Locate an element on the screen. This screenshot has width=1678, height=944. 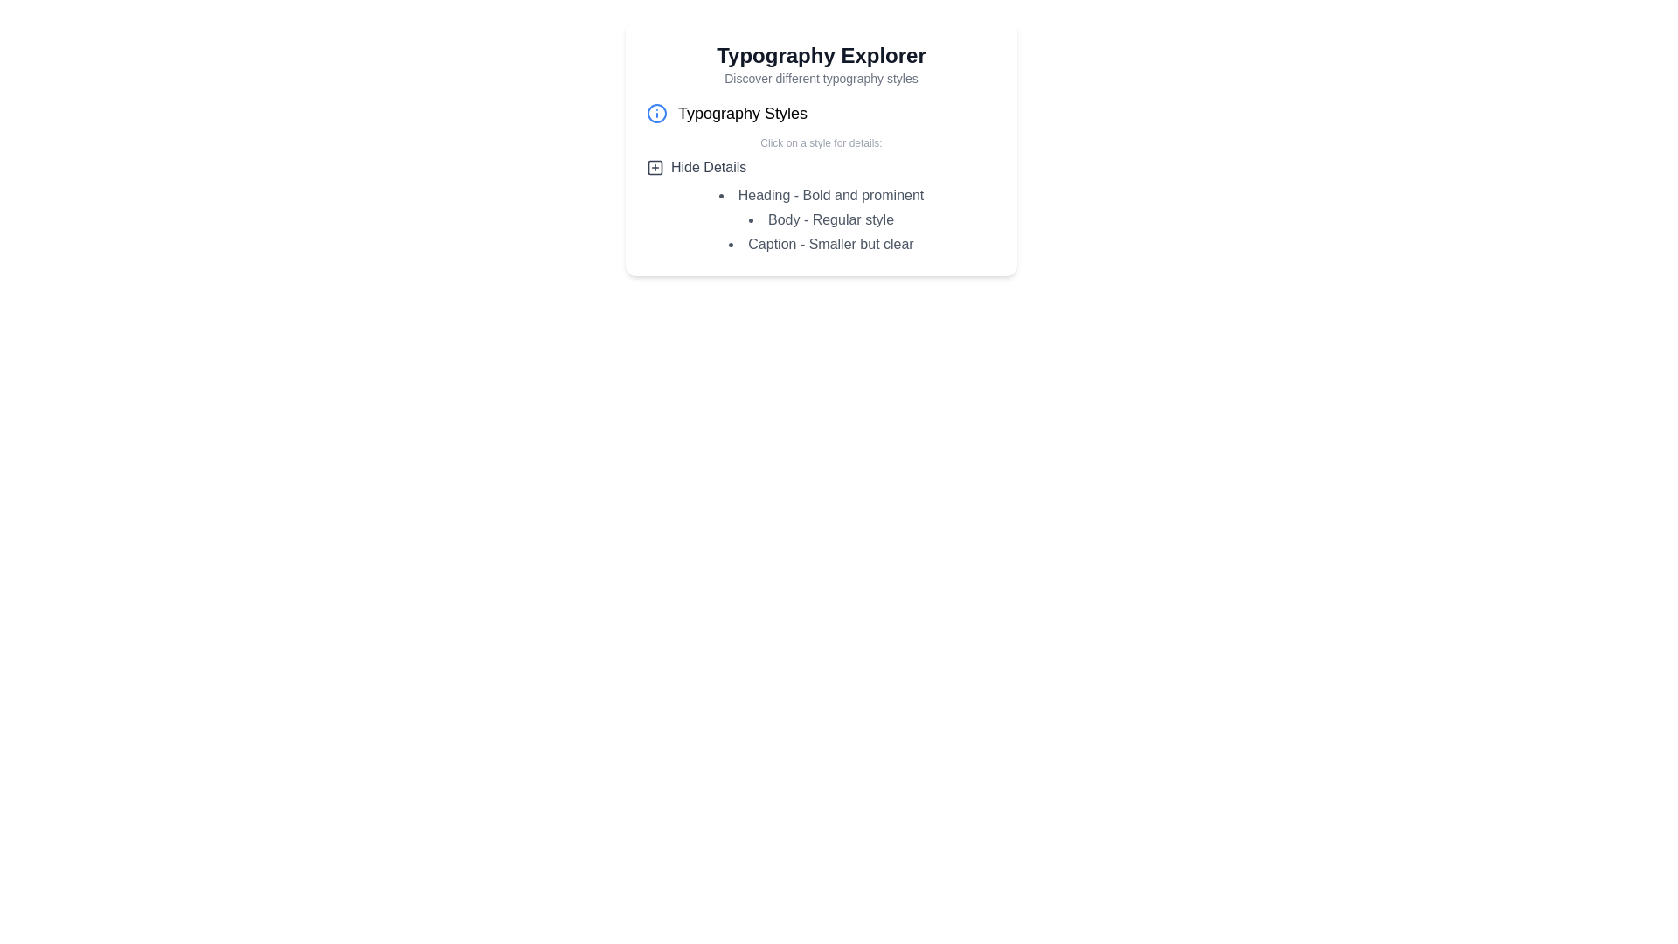
the Text group with bullet points element located below the 'Hide Details' label to initiate interaction is located at coordinates (821, 219).